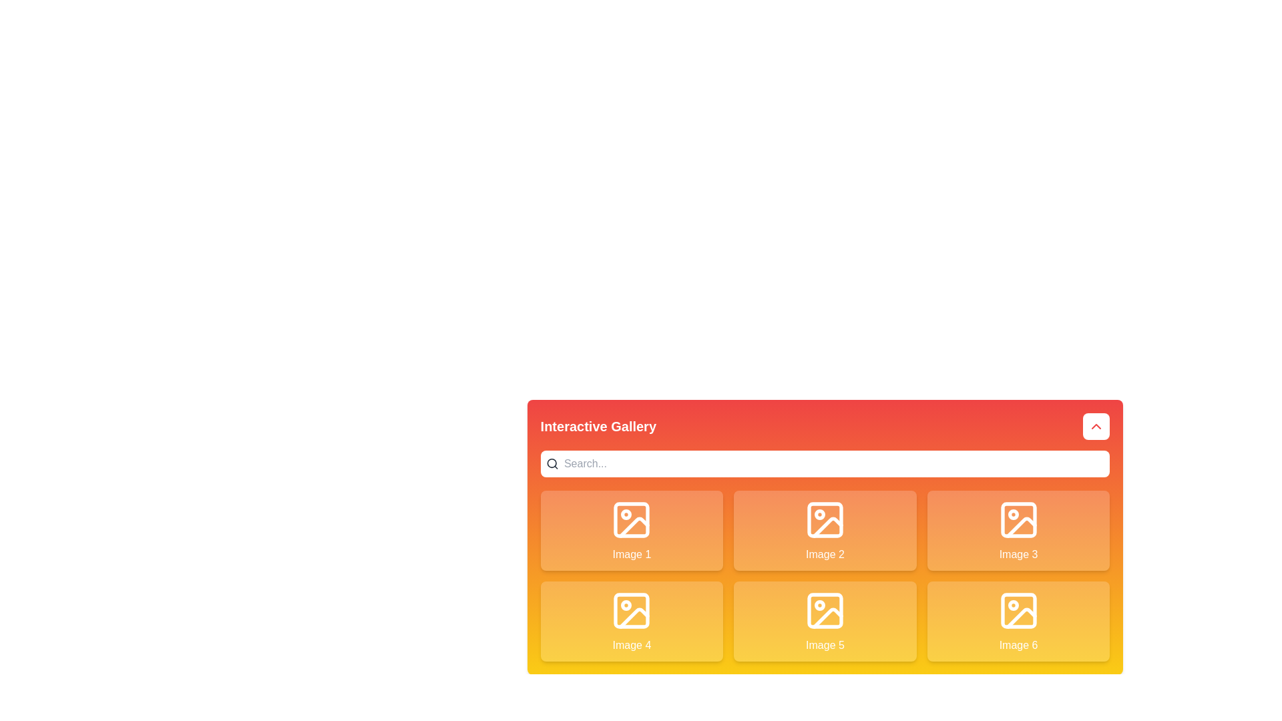  What do you see at coordinates (1018, 529) in the screenshot?
I see `the third card in the grid with a gradient orange background and the text caption 'Image 3'` at bounding box center [1018, 529].